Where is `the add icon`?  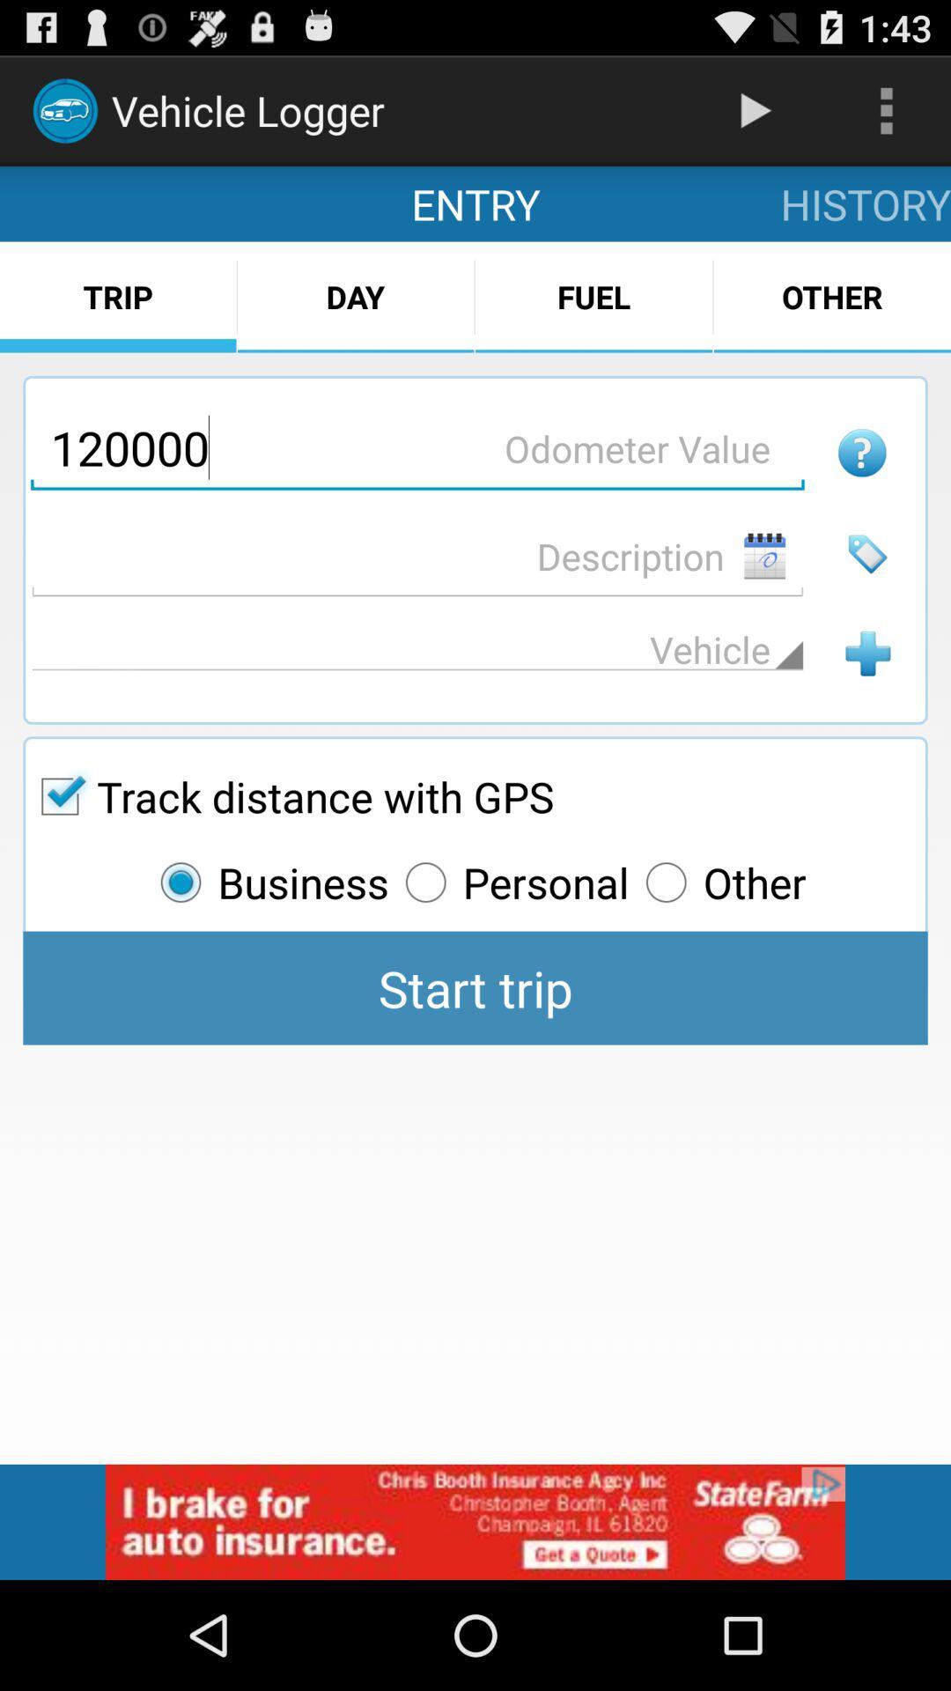 the add icon is located at coordinates (866, 698).